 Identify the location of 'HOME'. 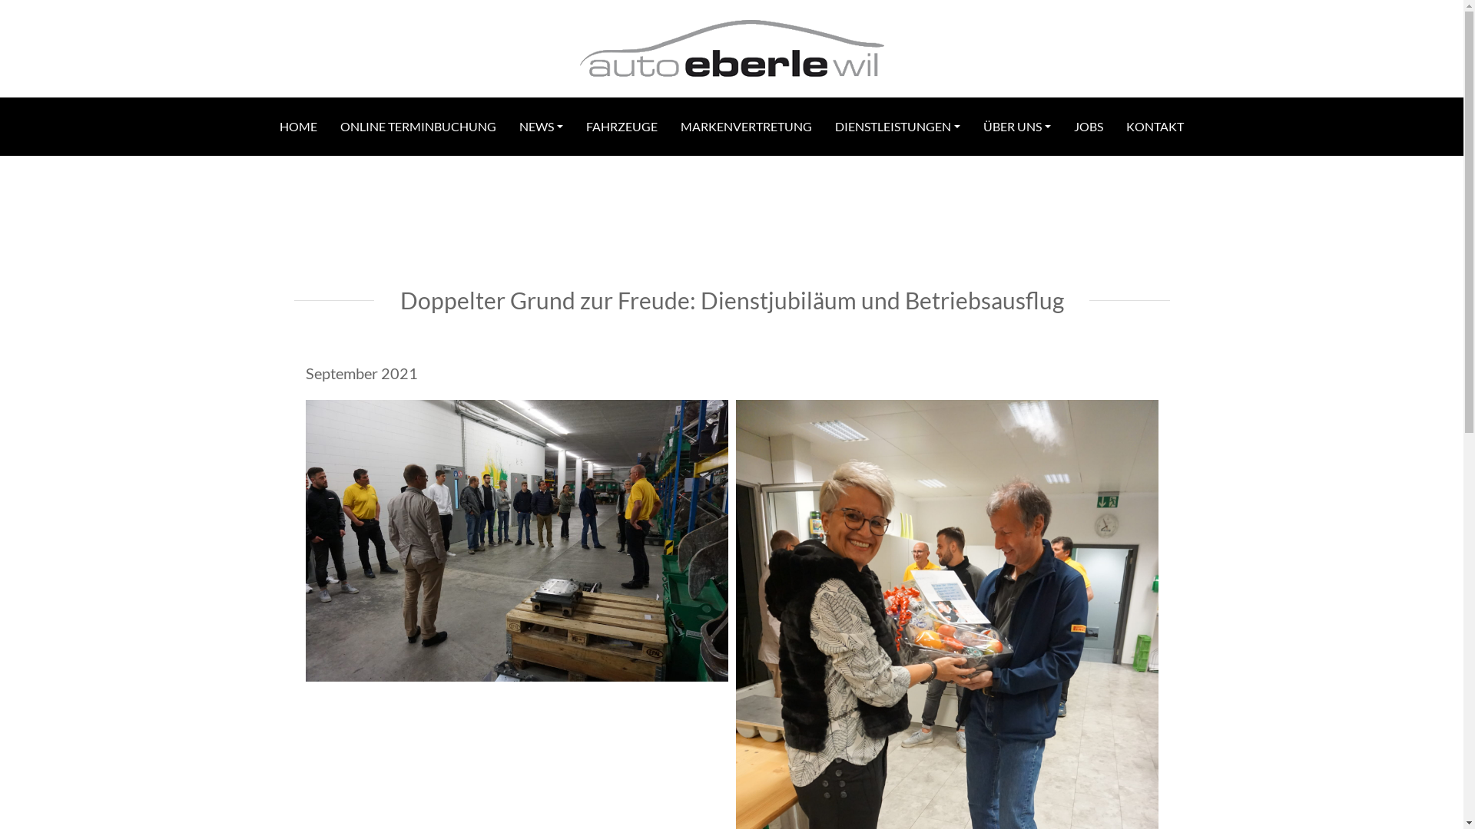
(298, 126).